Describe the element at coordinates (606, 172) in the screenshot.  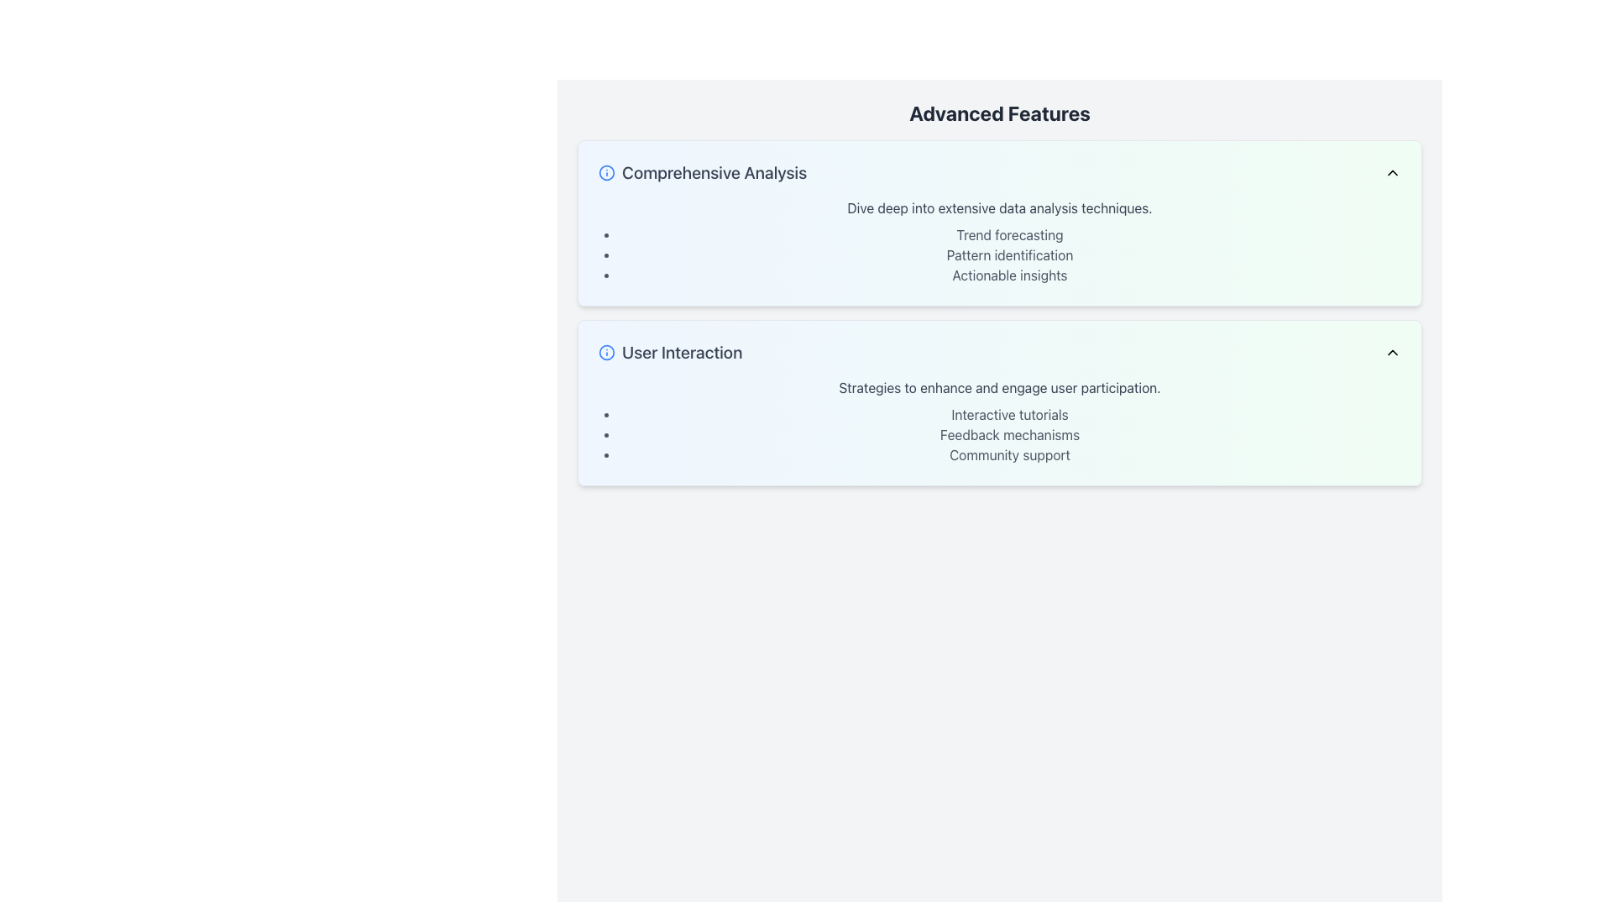
I see `the Icon that indicates the availability of additional information about the 'Comprehensive Analysis' section, located at the top-left corner of the highlighted subsection within the 'Advanced Features' layout` at that location.